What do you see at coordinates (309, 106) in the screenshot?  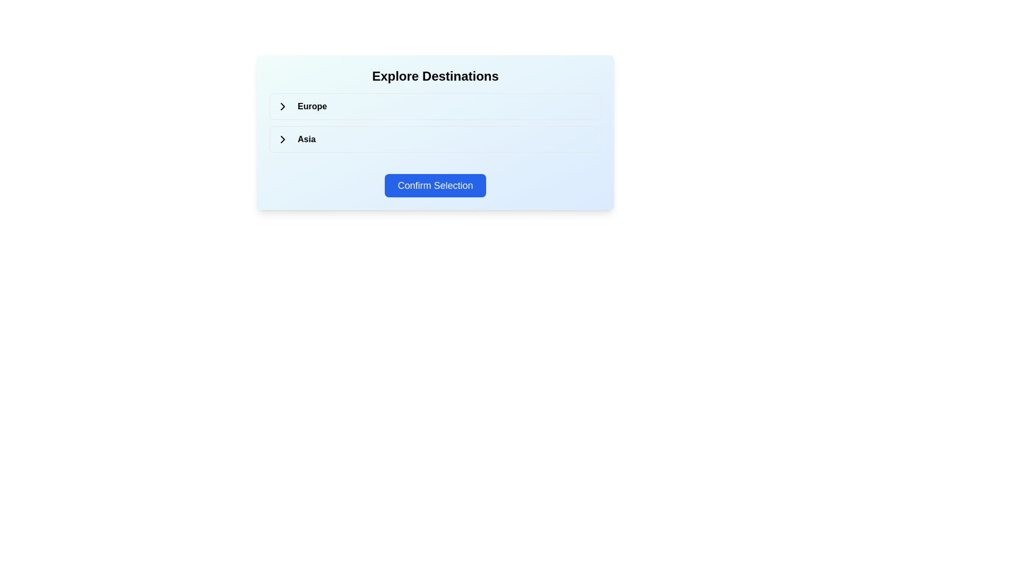 I see `the text label that indicates a selectable option for a destination, located to the right of a chevron icon under the 'Explore Destinations' heading` at bounding box center [309, 106].